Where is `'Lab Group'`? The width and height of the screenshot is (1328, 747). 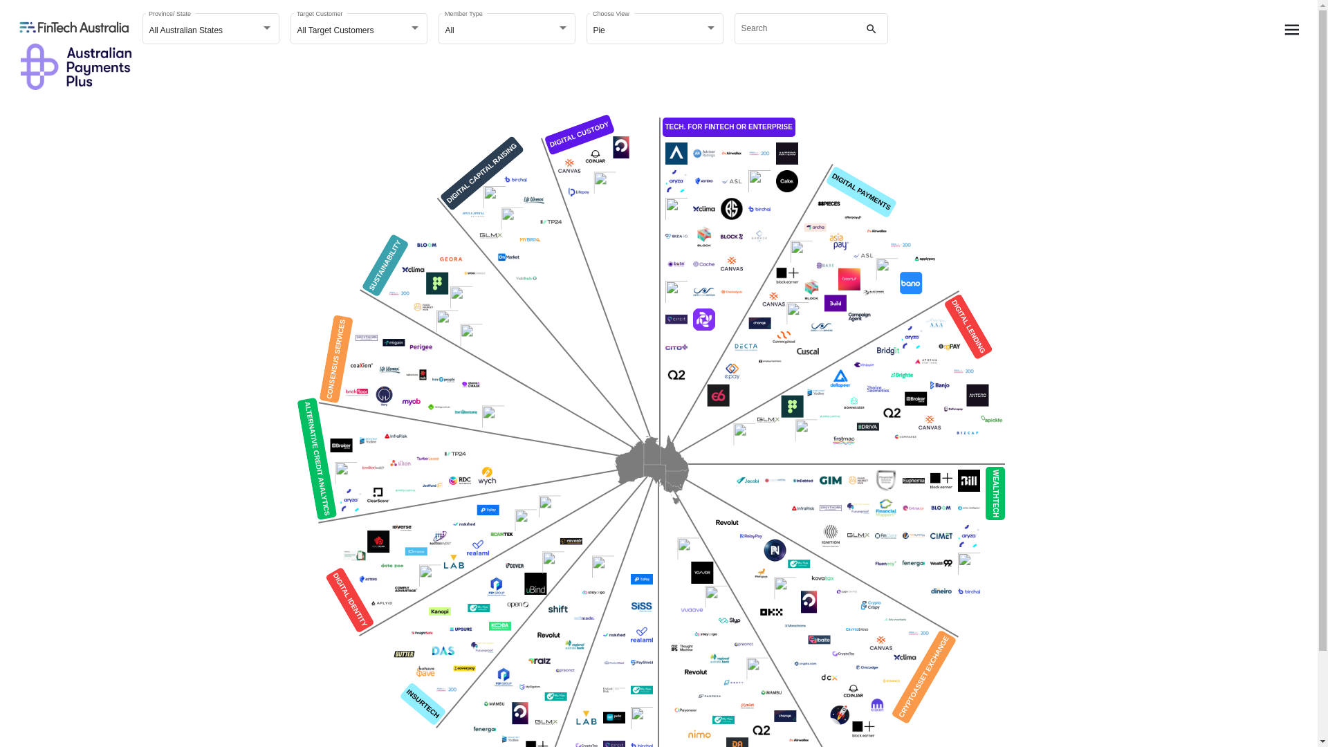 'Lab Group' is located at coordinates (587, 717).